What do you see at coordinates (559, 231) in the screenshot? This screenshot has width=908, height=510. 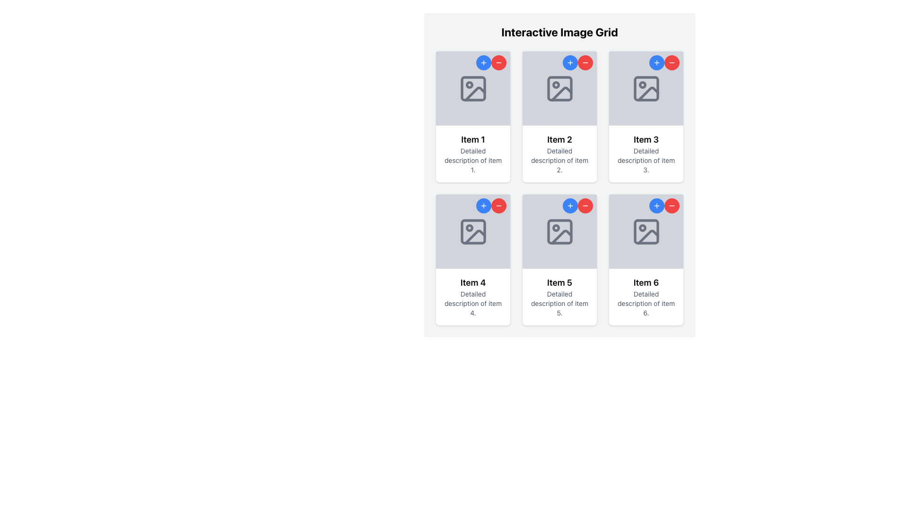 I see `the icon element representing a photo-like content, located in the fifth grid item labeled 'Item 5' in a 2x3 interactive image grid layout` at bounding box center [559, 231].